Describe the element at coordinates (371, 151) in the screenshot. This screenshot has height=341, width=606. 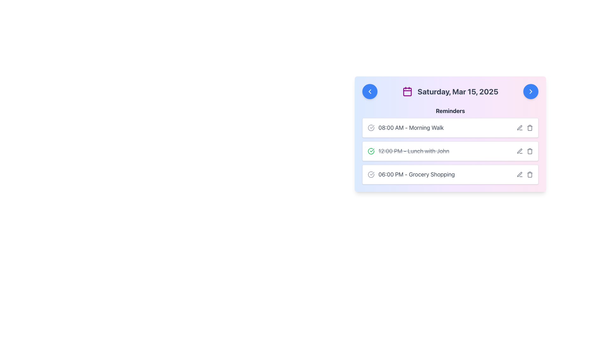
I see `the completion icon for the task '12:00 PM - Lunch with John'` at that location.